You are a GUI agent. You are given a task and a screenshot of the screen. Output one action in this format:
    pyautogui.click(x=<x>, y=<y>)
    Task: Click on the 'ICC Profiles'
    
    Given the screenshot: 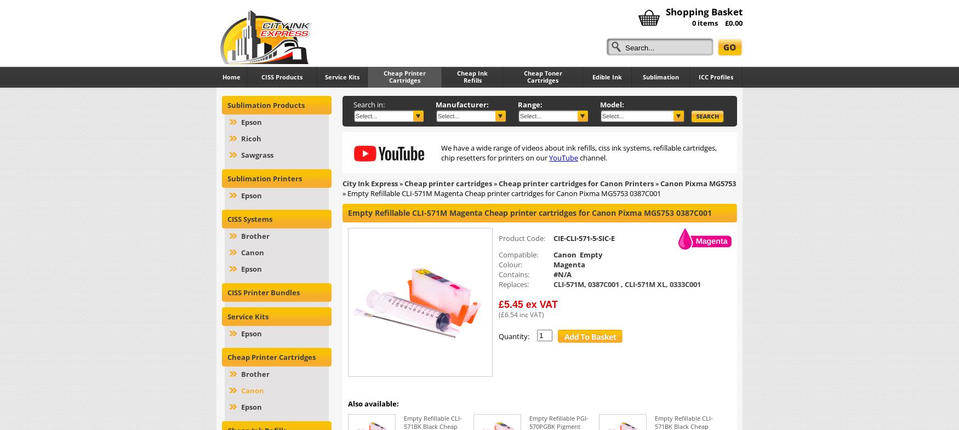 What is the action you would take?
    pyautogui.click(x=715, y=76)
    